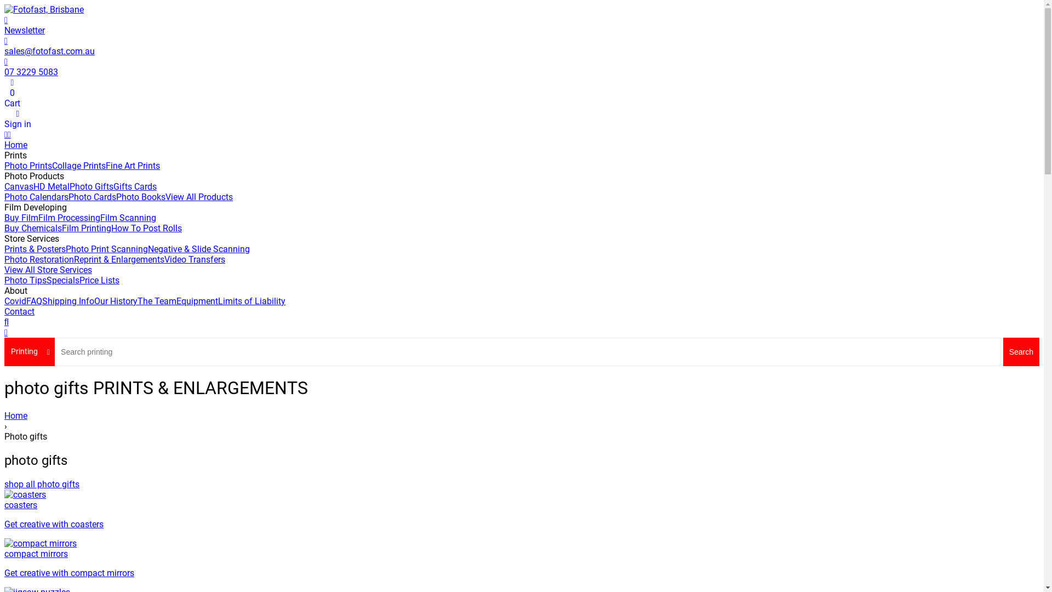 The width and height of the screenshot is (1052, 592). Describe the element at coordinates (19, 311) in the screenshot. I see `'Contact'` at that location.